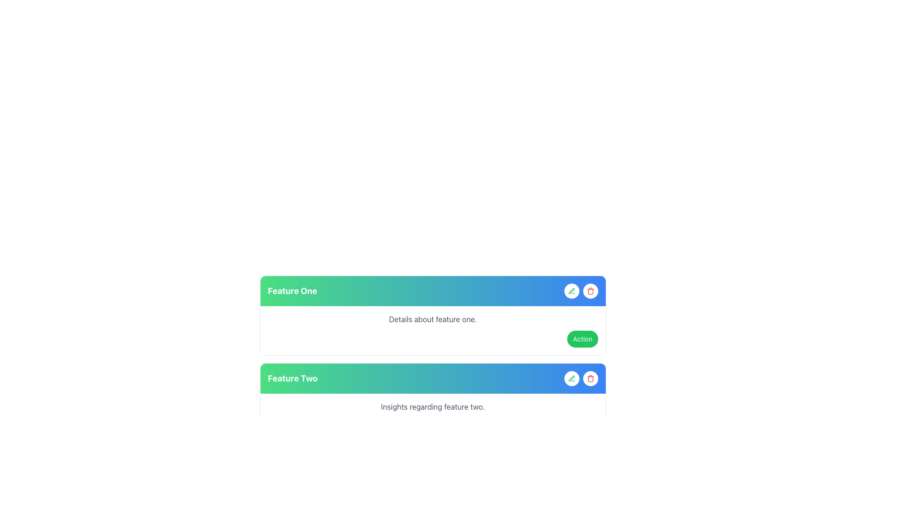 Image resolution: width=903 pixels, height=508 pixels. Describe the element at coordinates (432, 318) in the screenshot. I see `the static text label that contains the phrase 'Details about feature one.' located under the 'Feature One' section header, aligned with the action button on the right` at that location.